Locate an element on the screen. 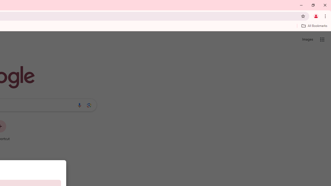 This screenshot has width=331, height=186. 'Restore' is located at coordinates (313, 5).